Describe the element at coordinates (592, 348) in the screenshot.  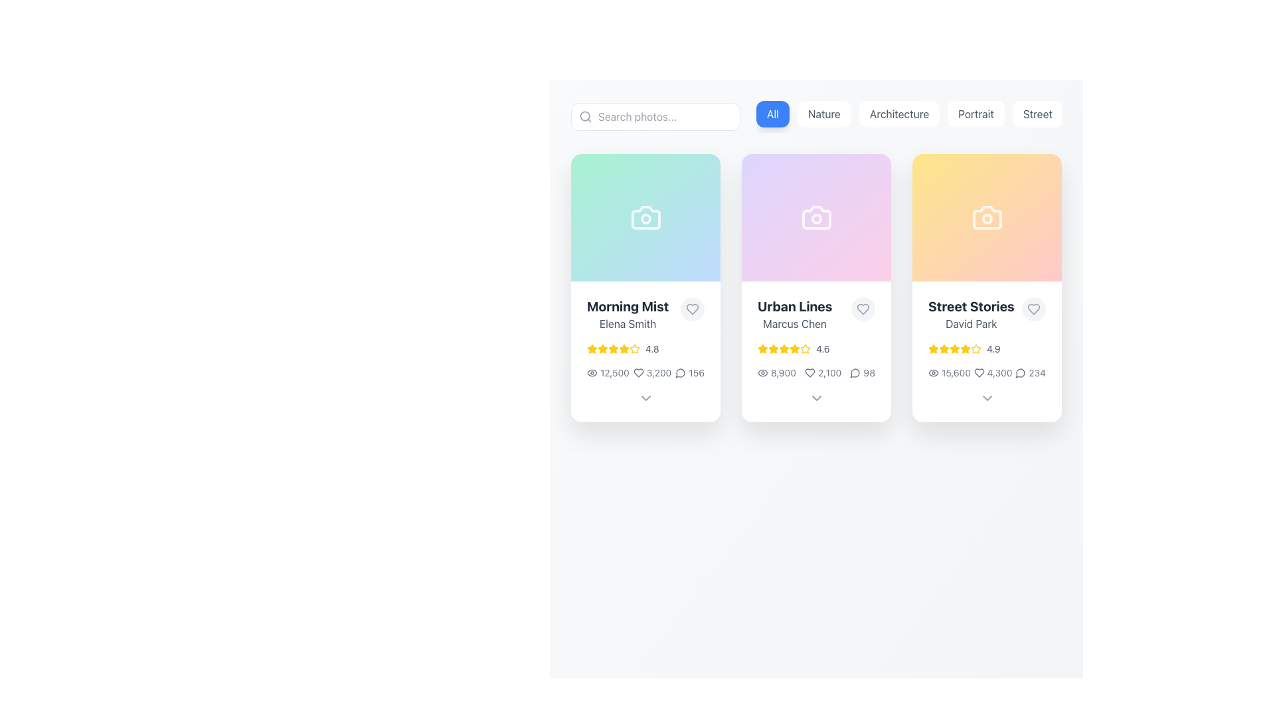
I see `the first star icon in the 'Morning Mist' card, which is golden yellow and represents a rating indication` at that location.